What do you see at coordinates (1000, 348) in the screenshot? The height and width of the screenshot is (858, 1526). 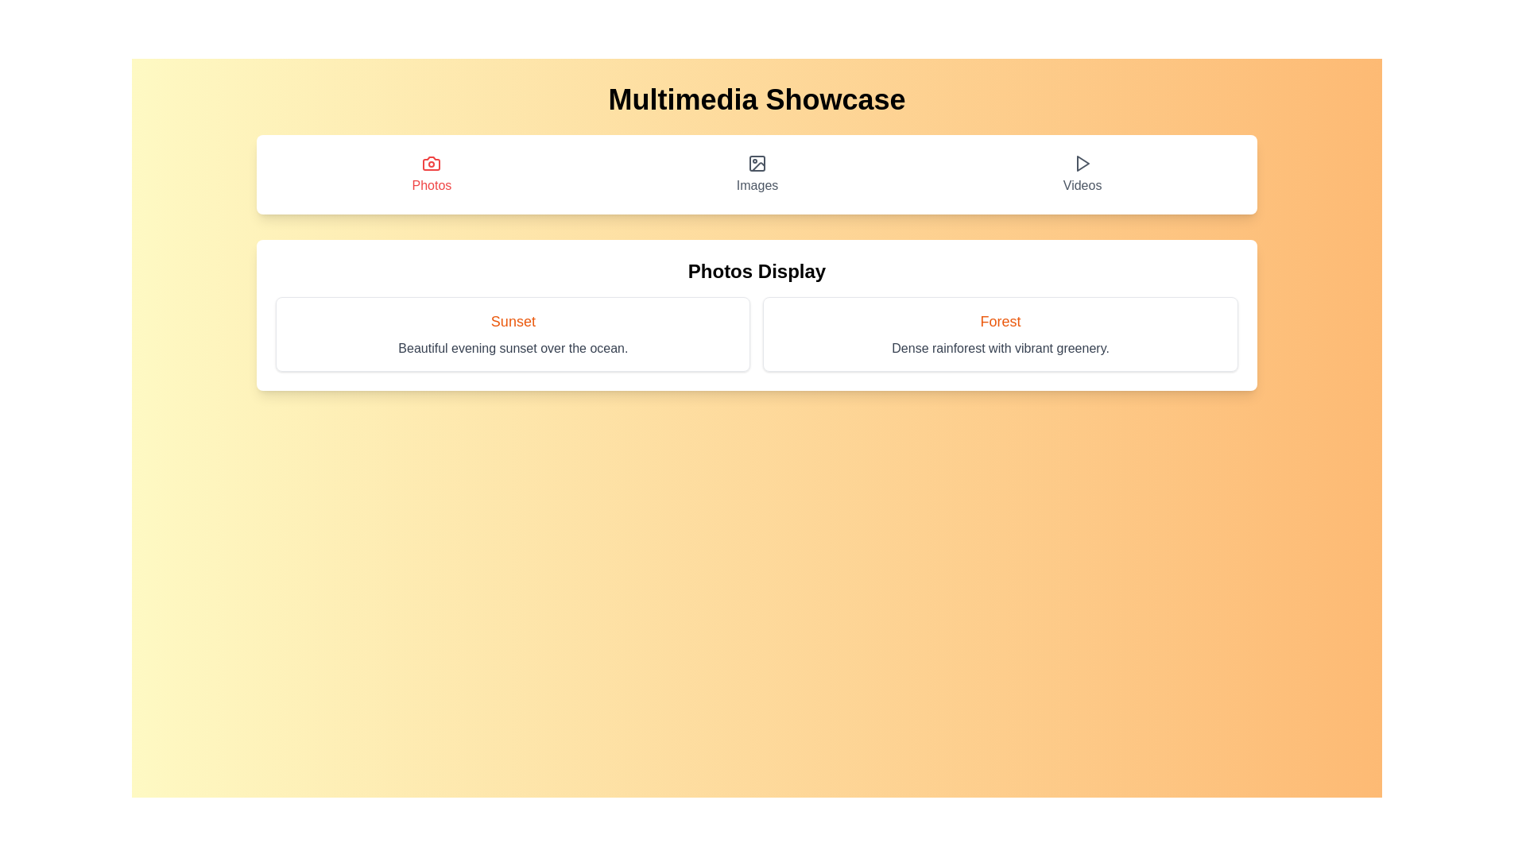 I see `static text displaying 'Dense rainforest with vibrant greenery.' located under the 'Forest' heading in the 'Photos Display' section` at bounding box center [1000, 348].